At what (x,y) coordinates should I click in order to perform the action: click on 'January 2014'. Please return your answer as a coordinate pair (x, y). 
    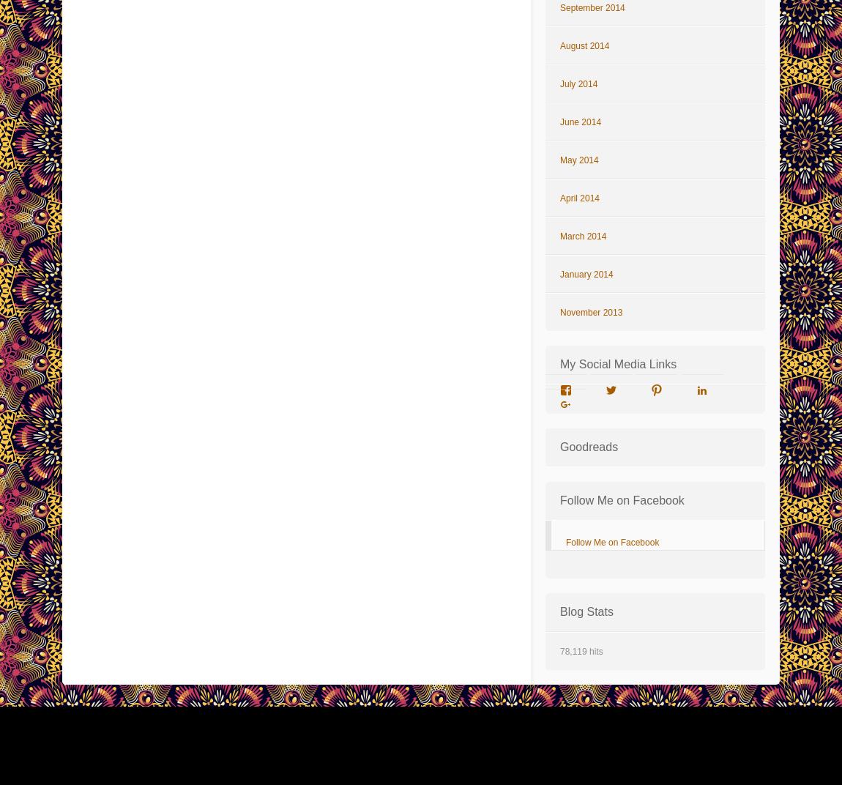
    Looking at the image, I should click on (559, 274).